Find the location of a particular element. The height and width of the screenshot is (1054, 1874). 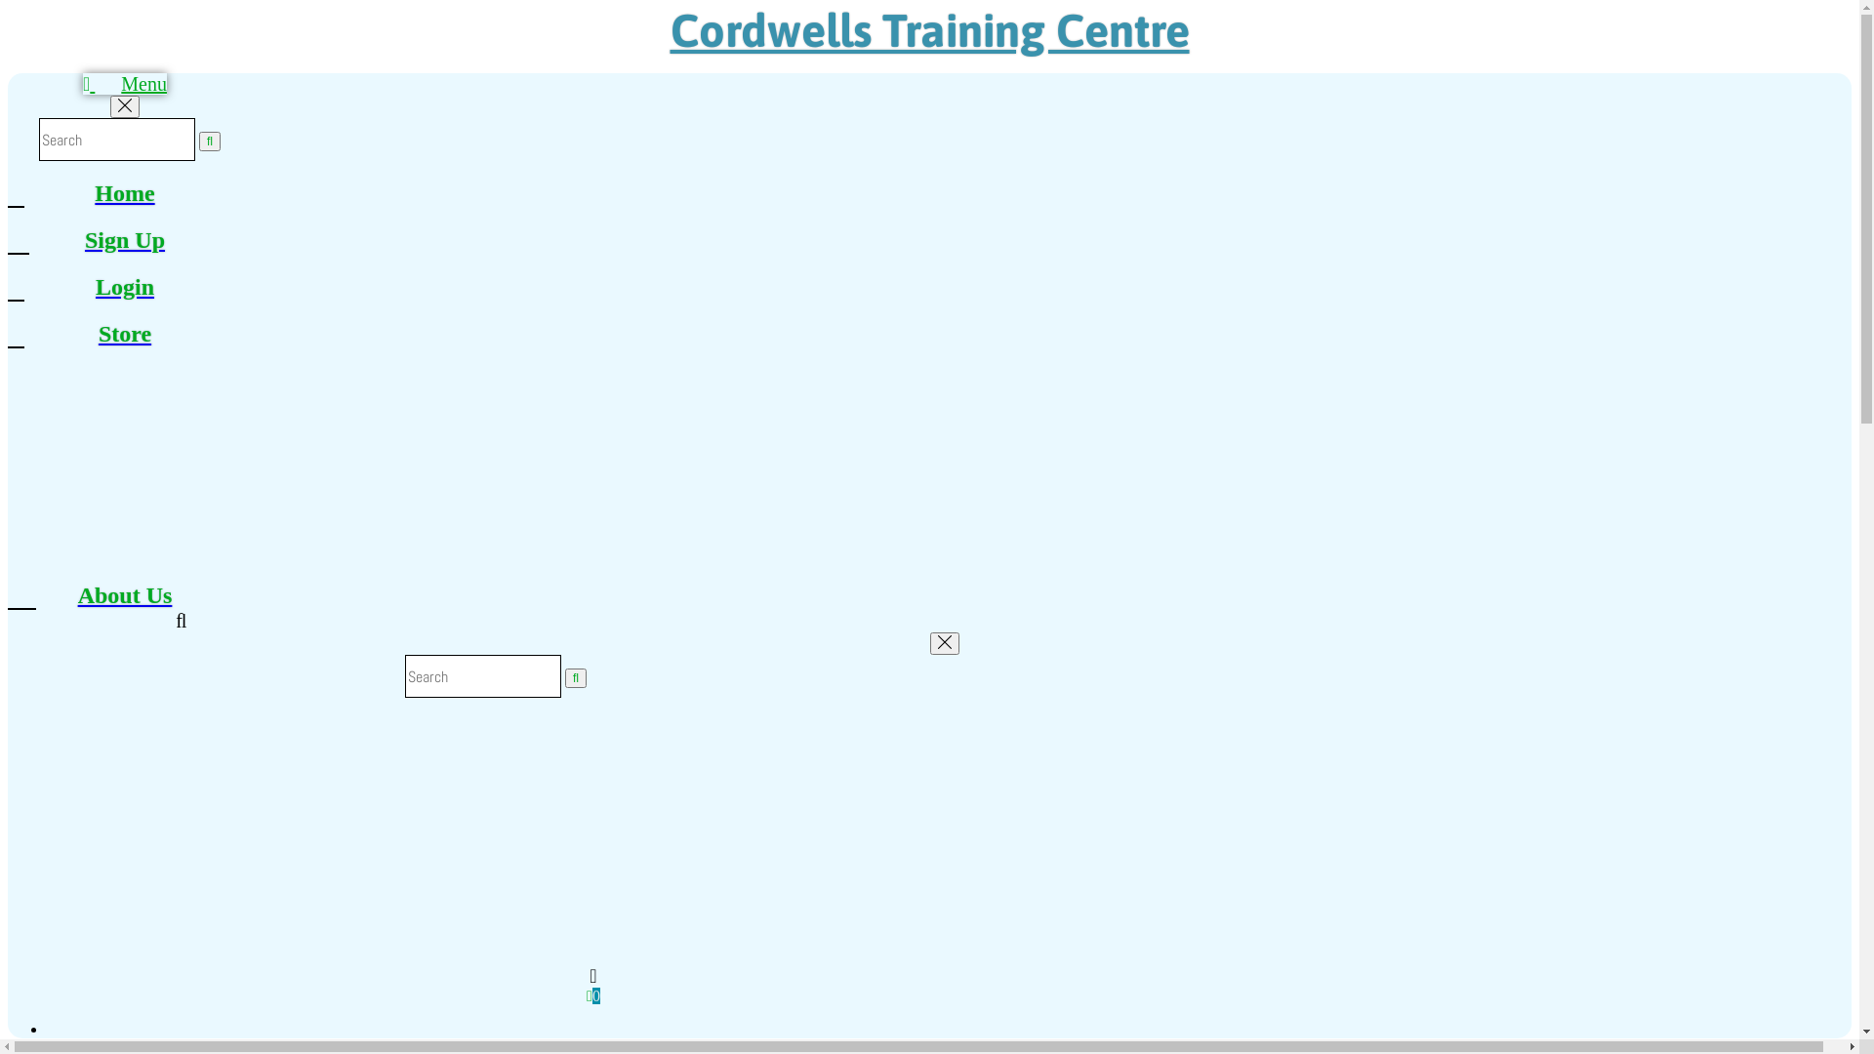

'0' is located at coordinates (592, 995).